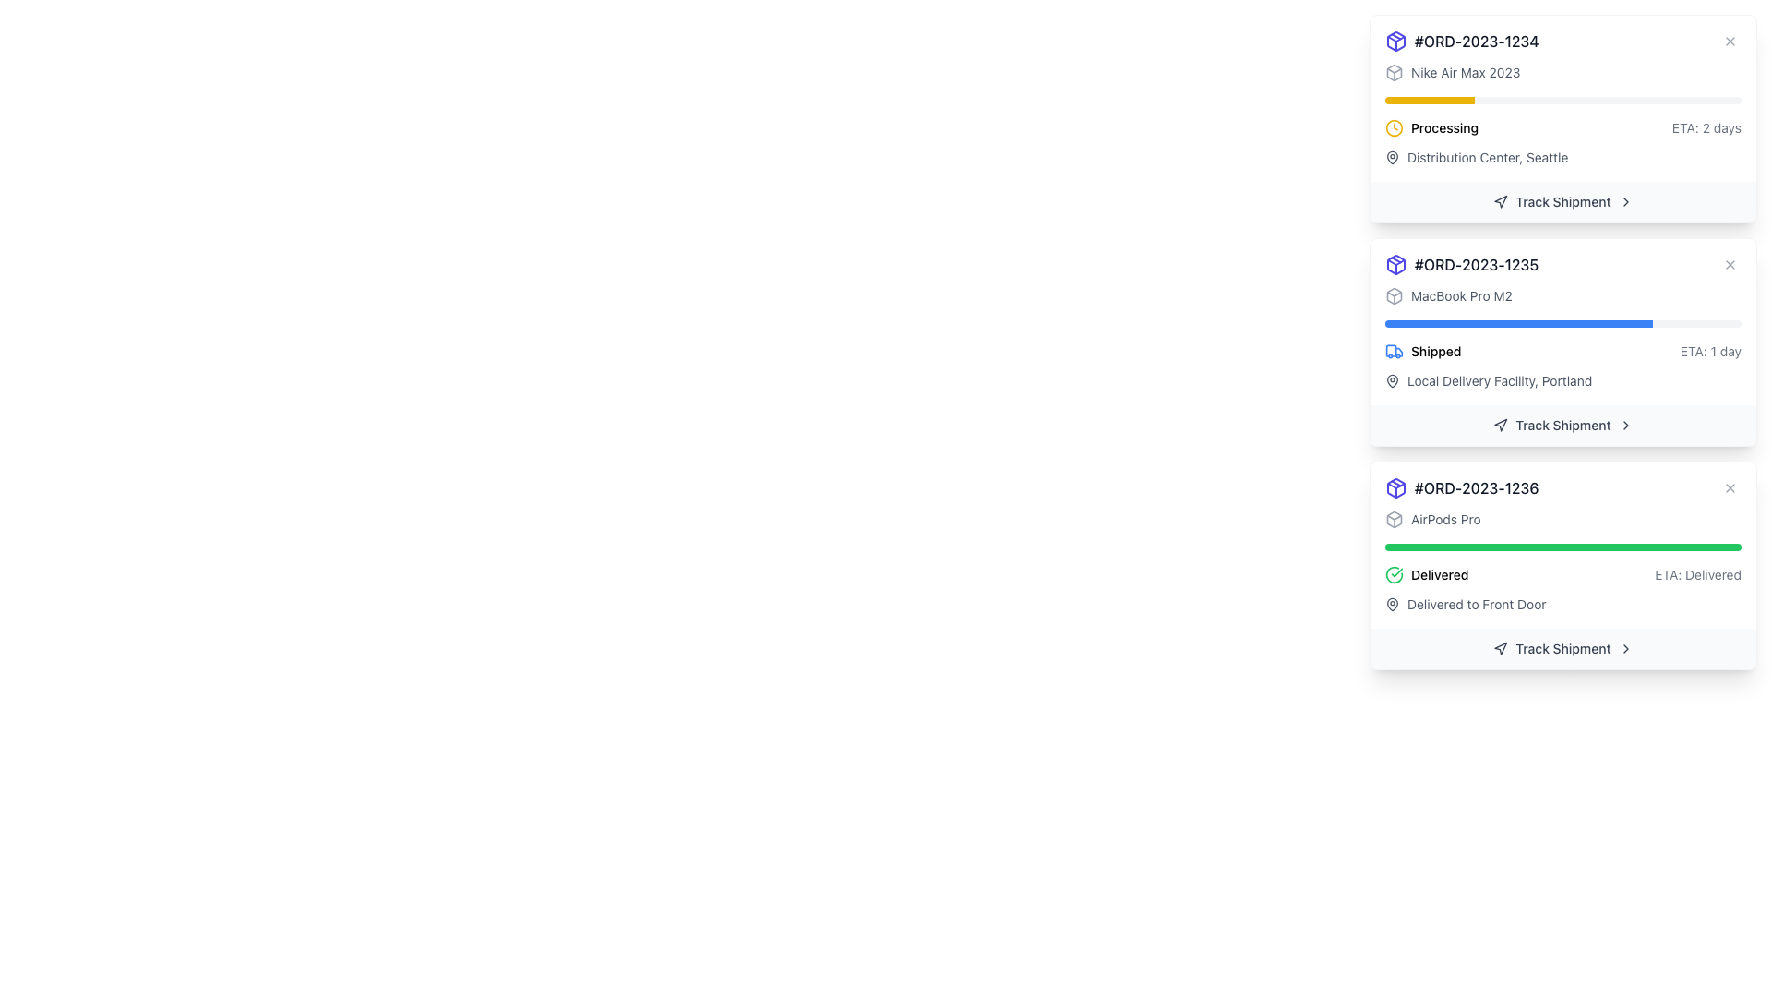 This screenshot has height=997, width=1772. What do you see at coordinates (1562, 426) in the screenshot?
I see `the 'Track Shipment' button located in the order card for '#ORD-2023-1235' below the delivery status and location information for 'MacBook Pro M2'` at bounding box center [1562, 426].